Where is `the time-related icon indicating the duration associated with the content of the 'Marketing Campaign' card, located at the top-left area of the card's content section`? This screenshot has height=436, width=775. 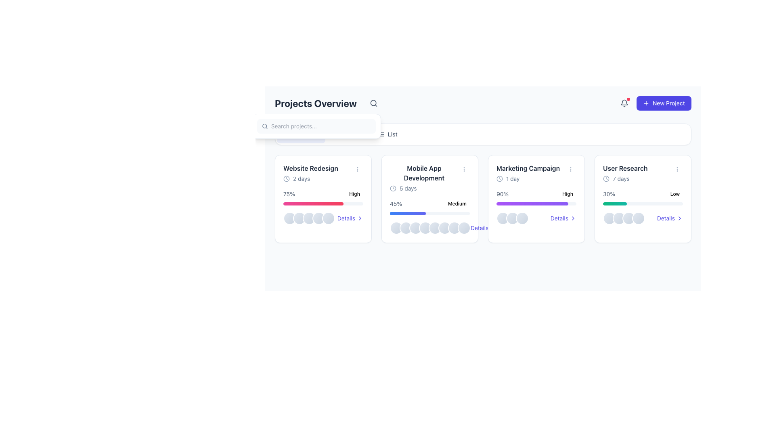 the time-related icon indicating the duration associated with the content of the 'Marketing Campaign' card, located at the top-left area of the card's content section is located at coordinates (499, 178).